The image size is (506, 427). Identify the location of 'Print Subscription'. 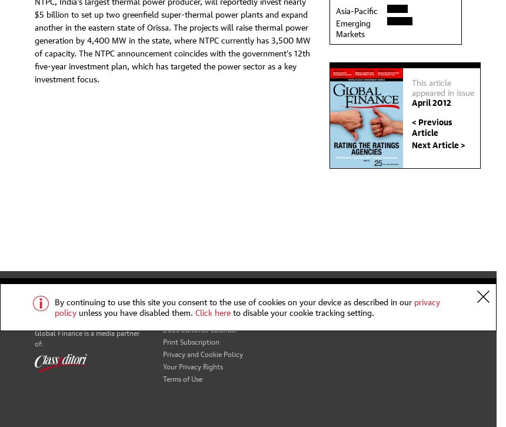
(190, 339).